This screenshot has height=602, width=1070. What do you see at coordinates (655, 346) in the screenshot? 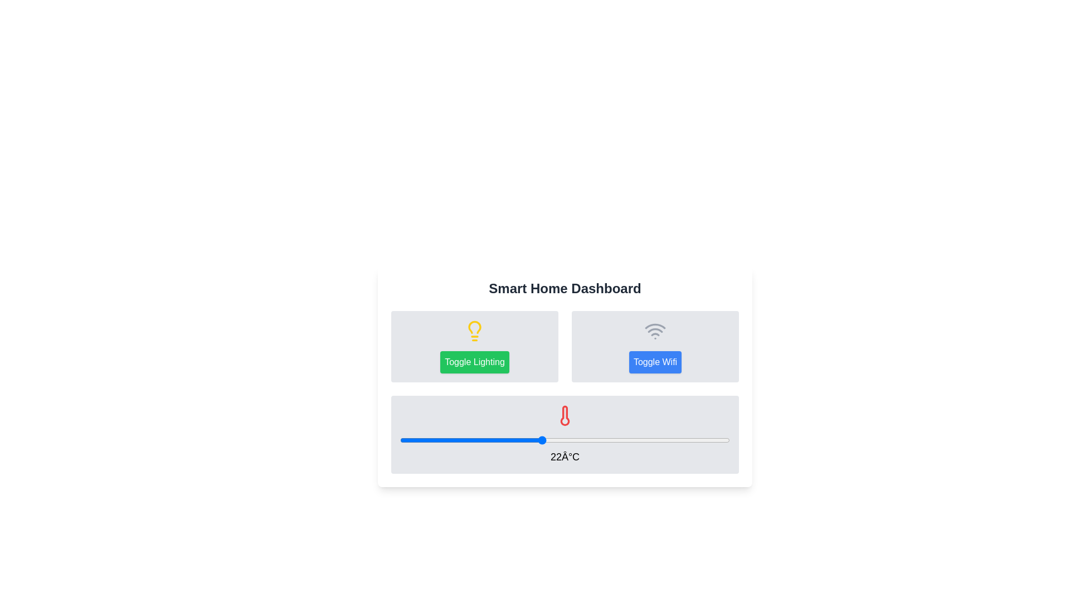
I see `the button in the upper-right quadrant of the interface` at bounding box center [655, 346].